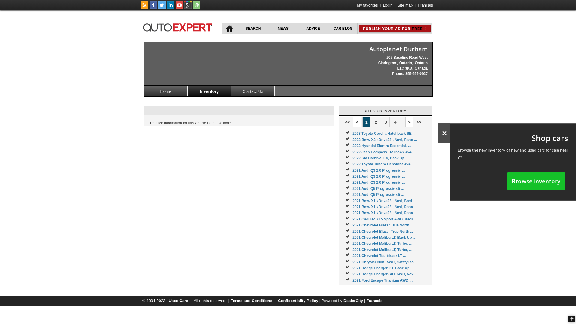 Image resolution: width=576 pixels, height=324 pixels. Describe the element at coordinates (170, 7) in the screenshot. I see `'Follow Publications Le Guide Inc. on LinkedIn'` at that location.